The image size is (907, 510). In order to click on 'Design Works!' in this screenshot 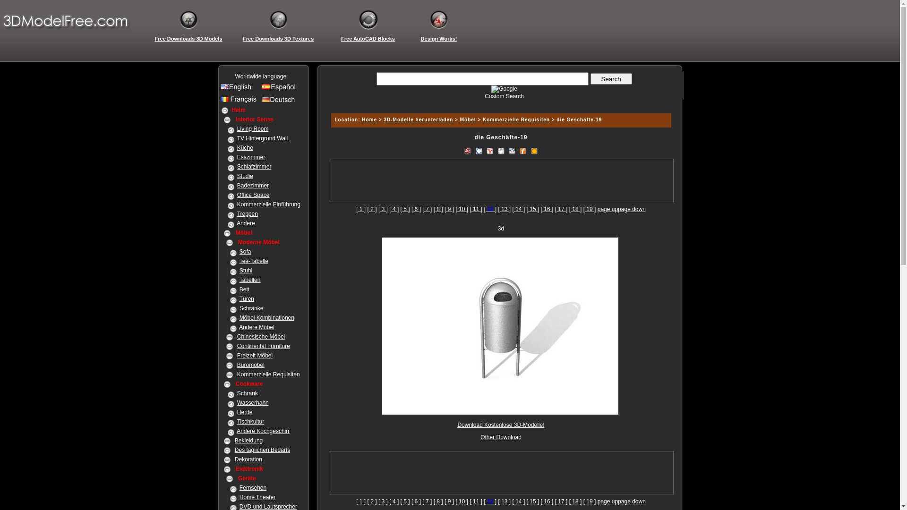, I will do `click(438, 38)`.